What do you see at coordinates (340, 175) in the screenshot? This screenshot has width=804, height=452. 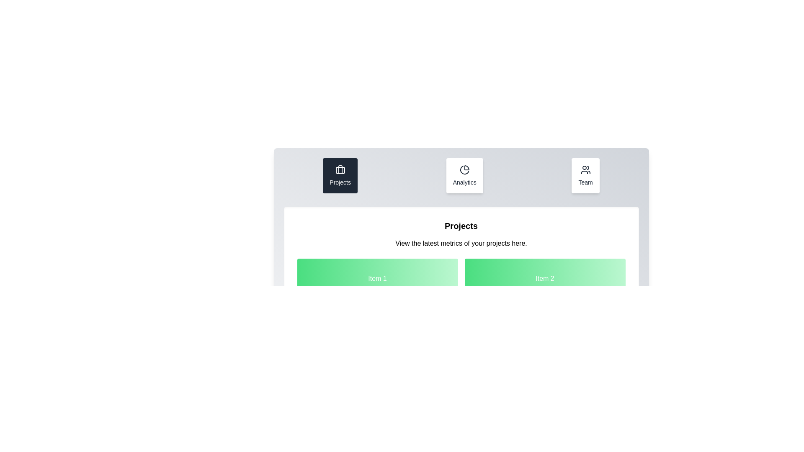 I see `the tab named Projects` at bounding box center [340, 175].